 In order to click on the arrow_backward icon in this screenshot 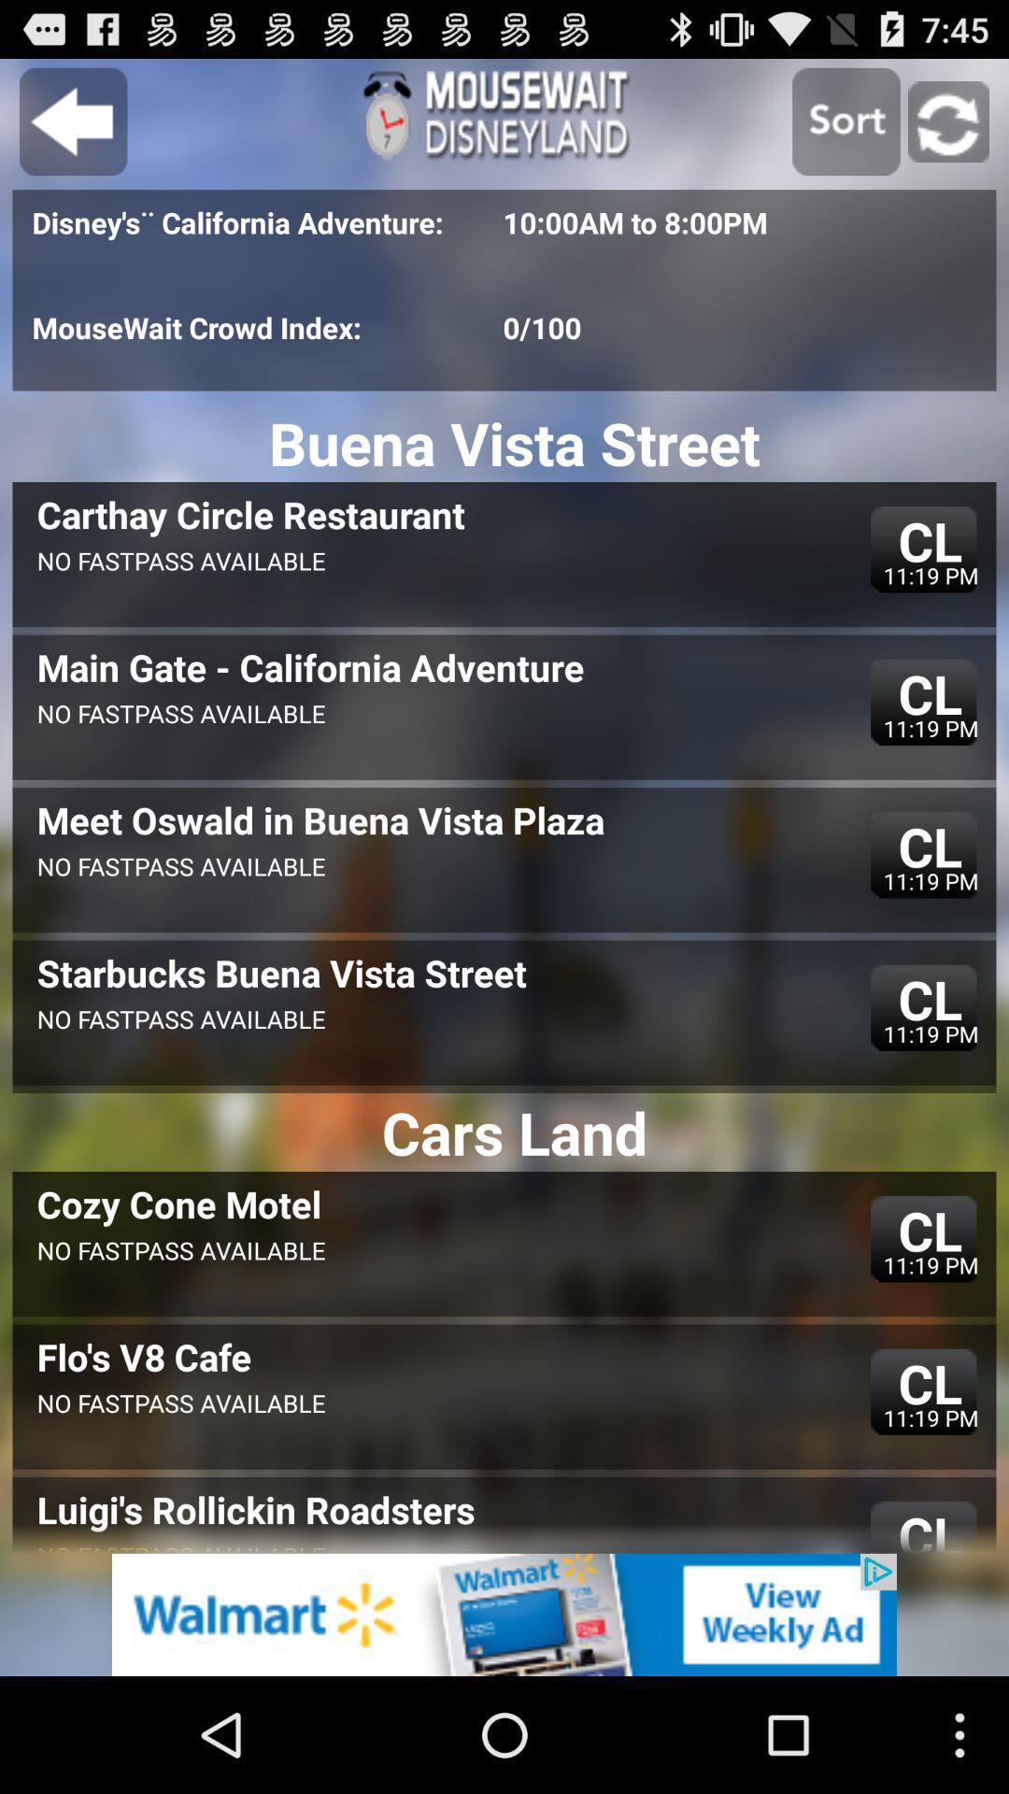, I will do `click(72, 129)`.